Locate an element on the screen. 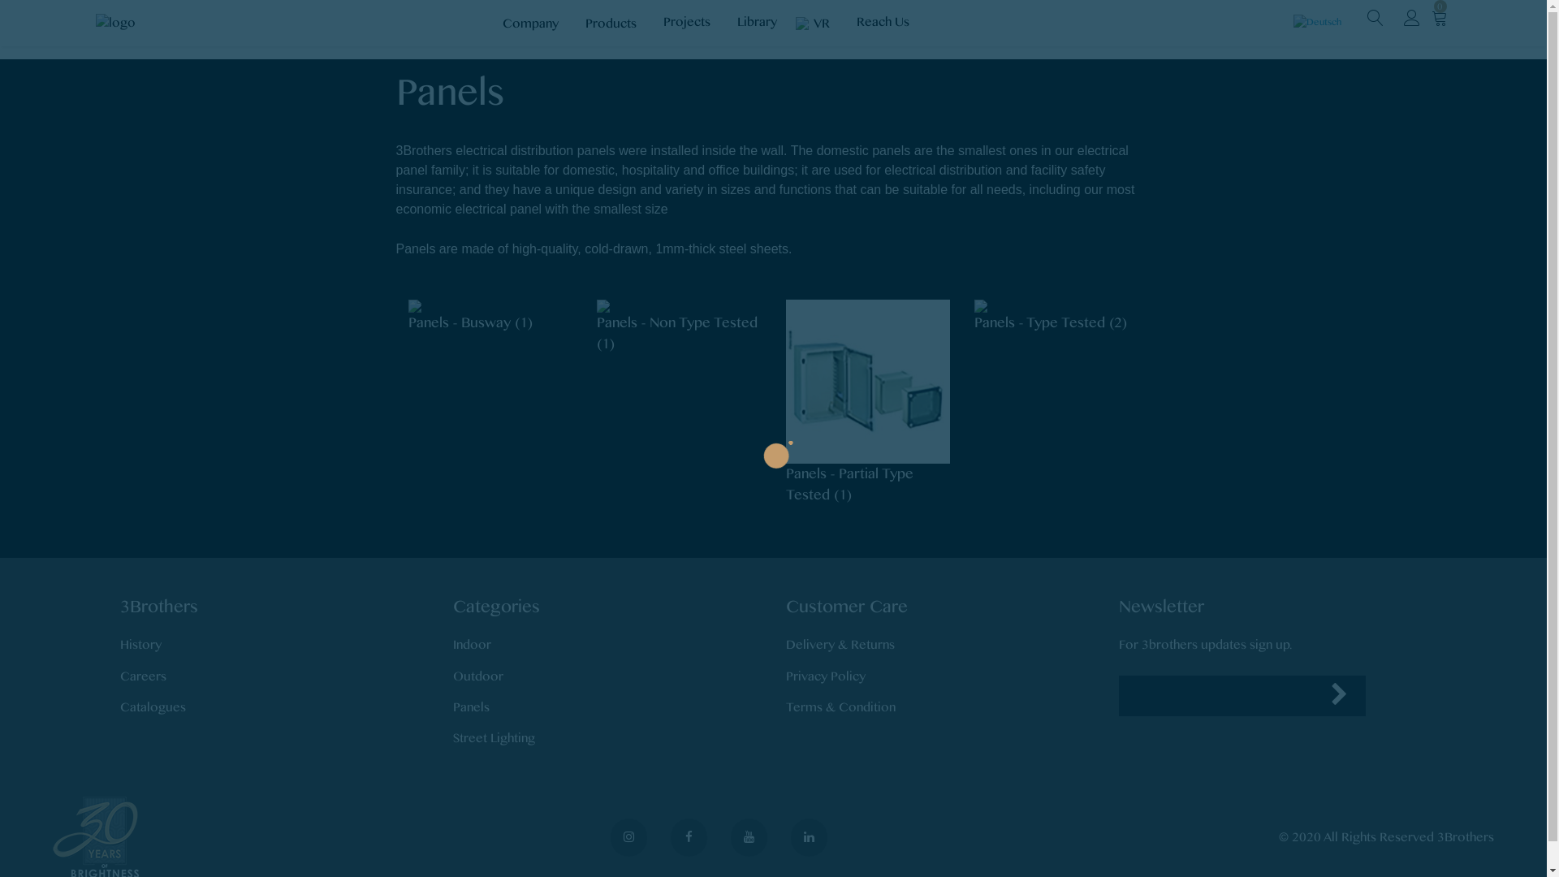 This screenshot has height=877, width=1559. 'Terms & Condition' is located at coordinates (840, 706).